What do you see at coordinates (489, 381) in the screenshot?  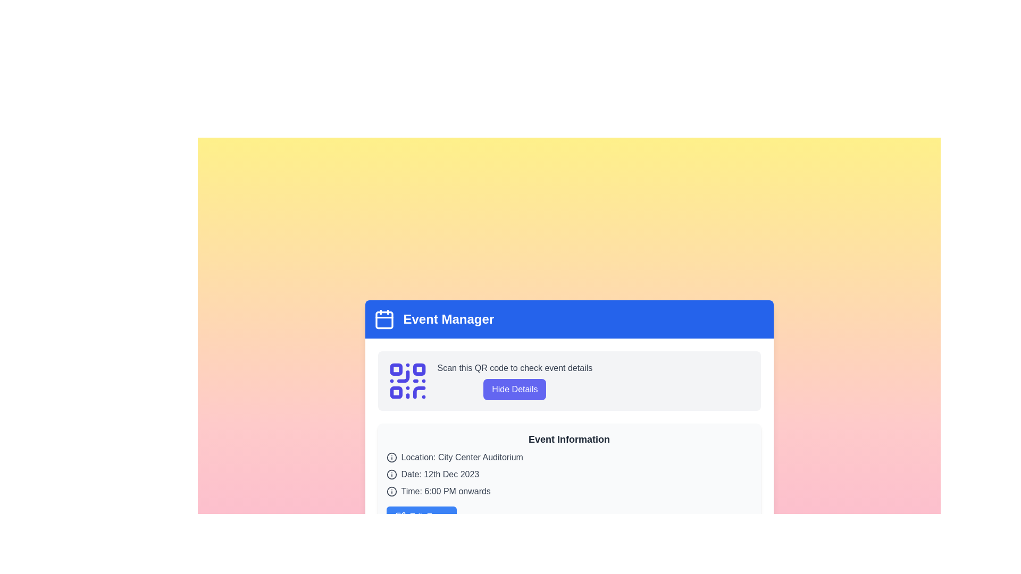 I see `the blue button labeled 'Hide Details' located at the top of the detailed event section to hide the event details` at bounding box center [489, 381].